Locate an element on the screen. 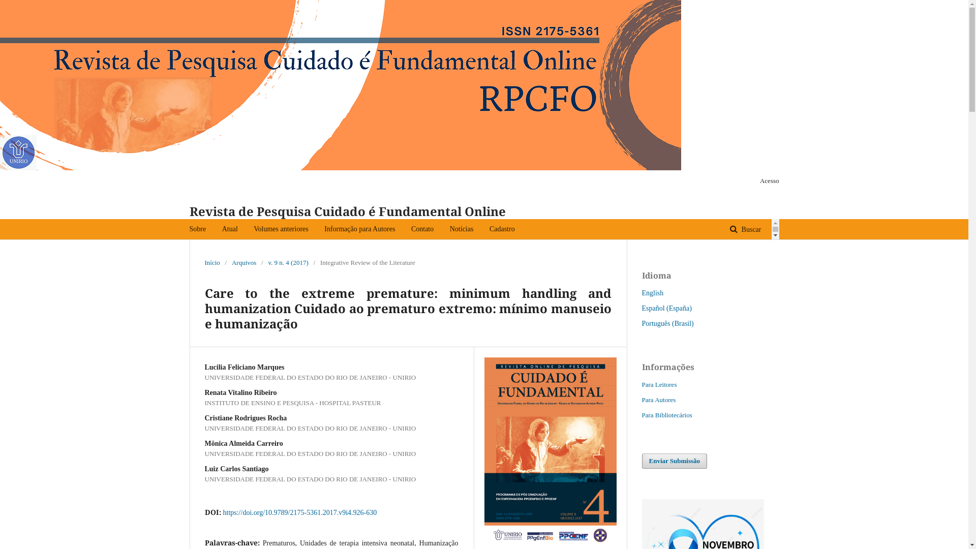 The height and width of the screenshot is (549, 976). 'v. 9 n. 4 (2017)' is located at coordinates (287, 262).